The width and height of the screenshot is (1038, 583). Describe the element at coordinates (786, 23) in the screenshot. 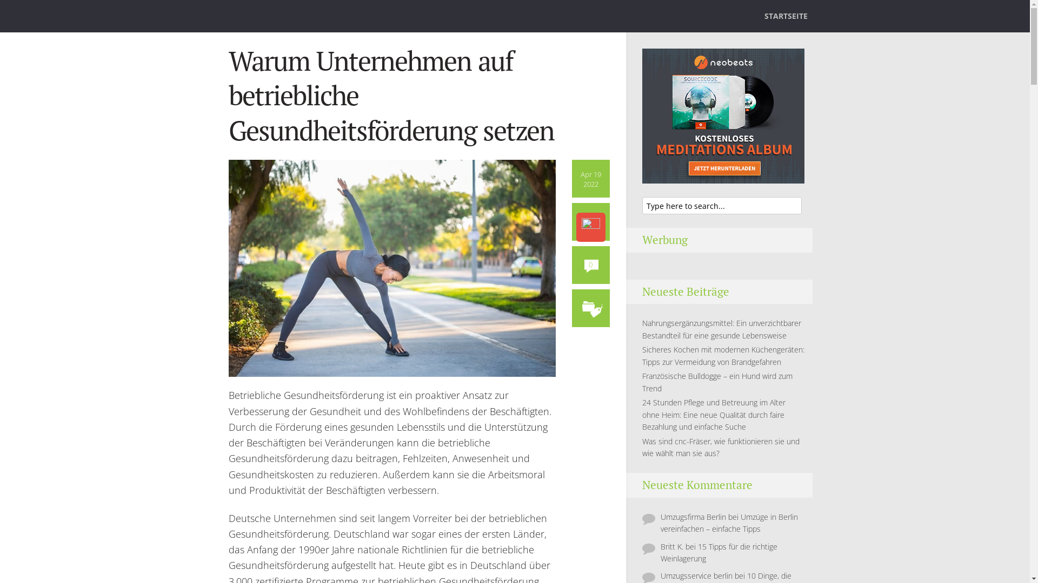

I see `'STARTSEITE'` at that location.